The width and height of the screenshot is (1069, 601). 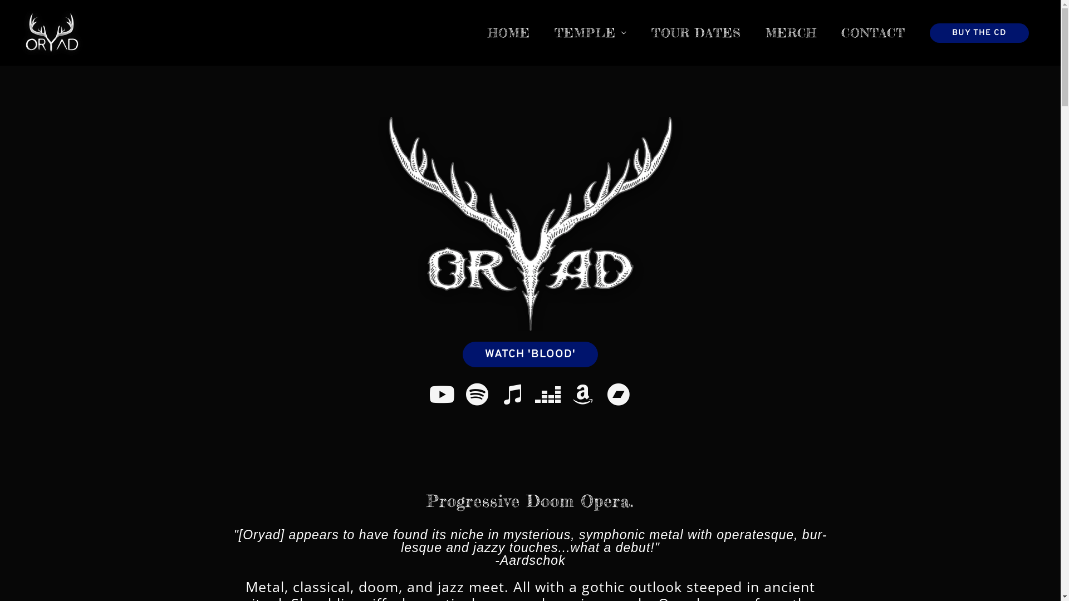 I want to click on 'Deezer', so click(x=548, y=393).